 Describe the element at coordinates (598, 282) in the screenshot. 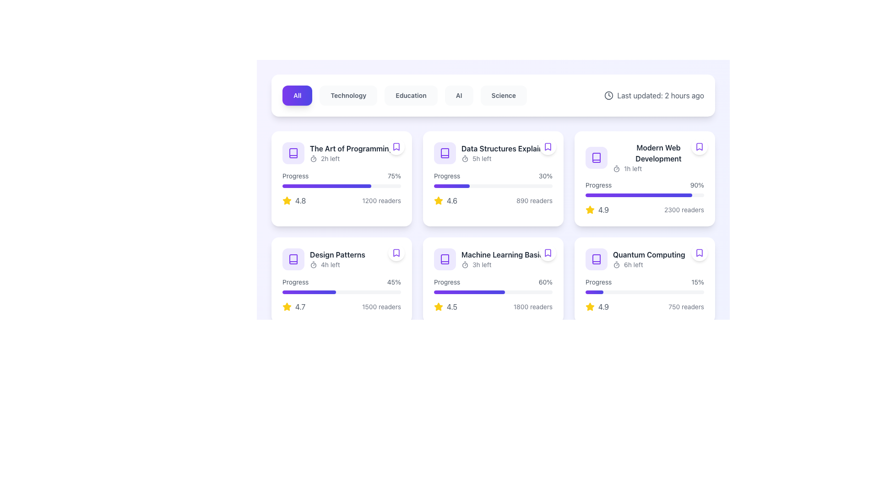

I see `the Text label indicating the purpose of the associated progress bar within the 'Quantum Computing' card, located to the left of the '15%' text` at that location.